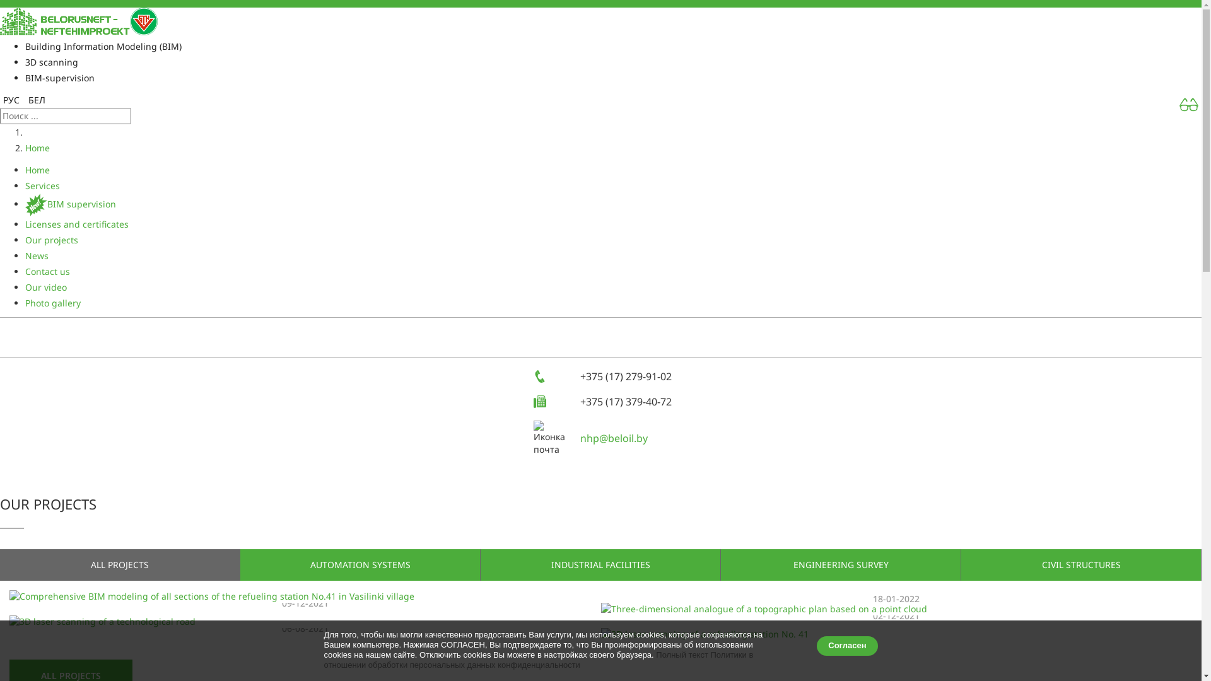 The image size is (1211, 681). I want to click on 'Building Information Modeling (BIM)', so click(103, 45).